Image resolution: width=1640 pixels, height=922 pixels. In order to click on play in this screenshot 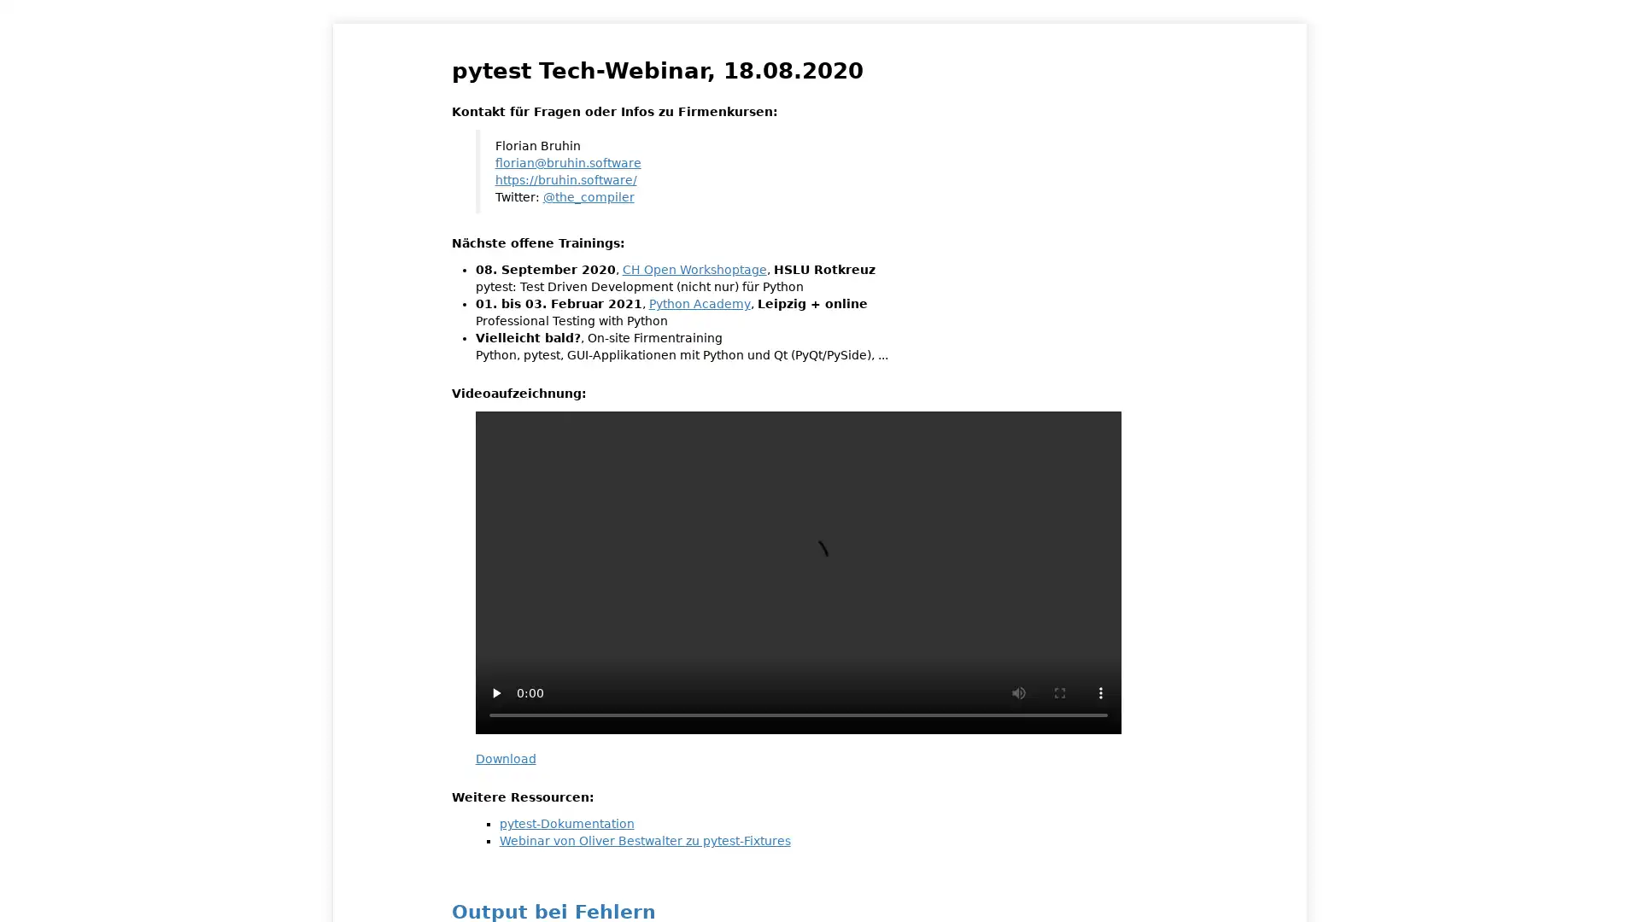, I will do `click(495, 693)`.